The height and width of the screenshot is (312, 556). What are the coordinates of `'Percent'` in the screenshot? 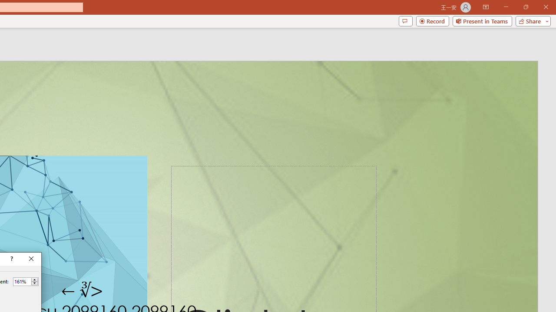 It's located at (26, 282).